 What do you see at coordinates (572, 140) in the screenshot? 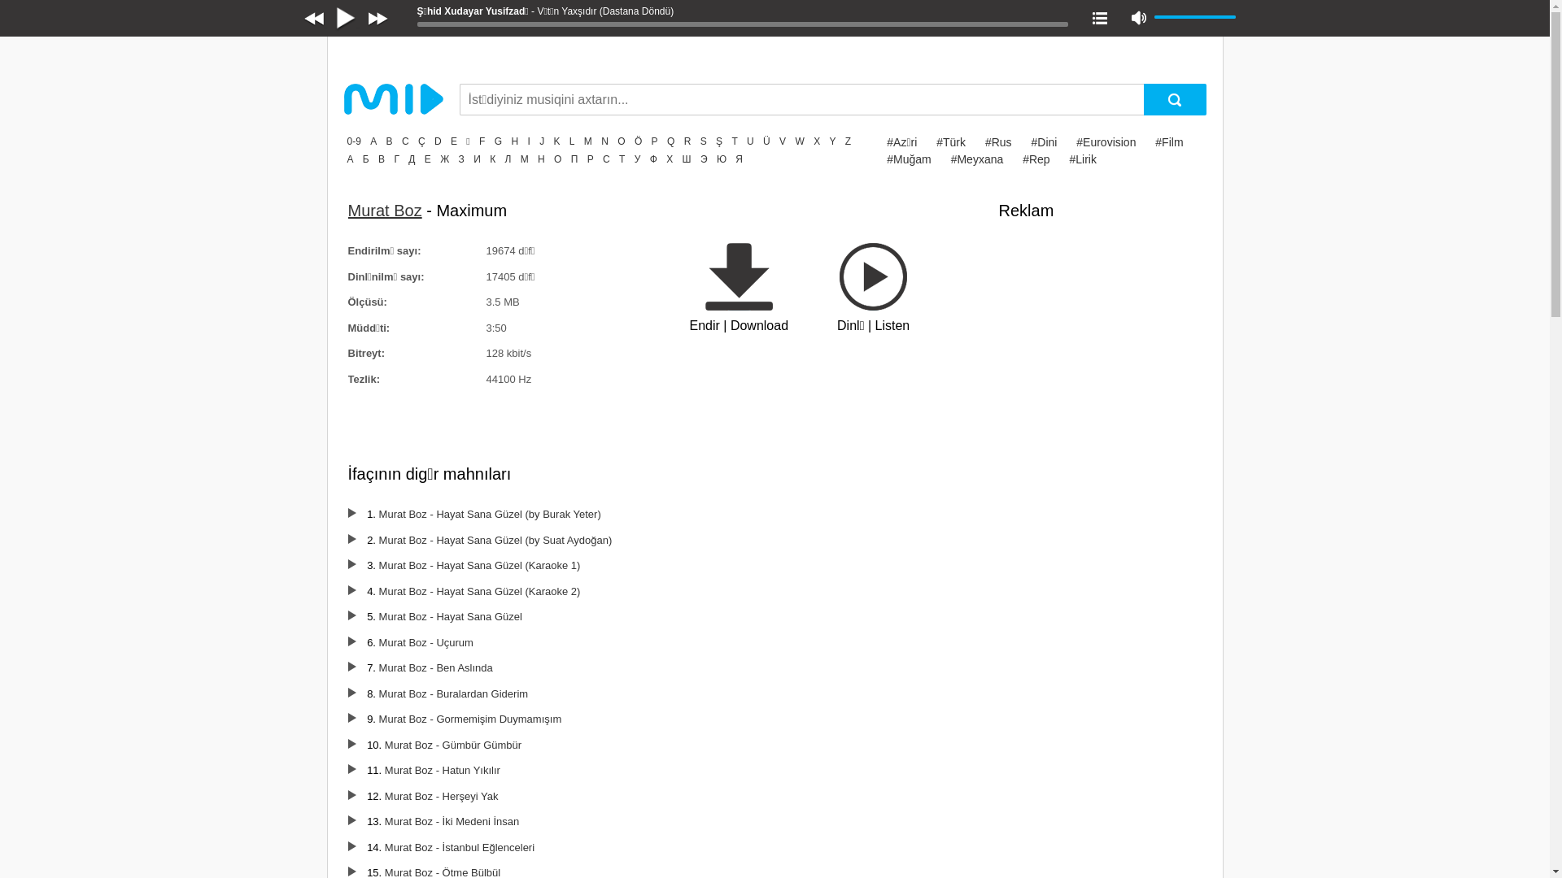
I see `'L'` at bounding box center [572, 140].